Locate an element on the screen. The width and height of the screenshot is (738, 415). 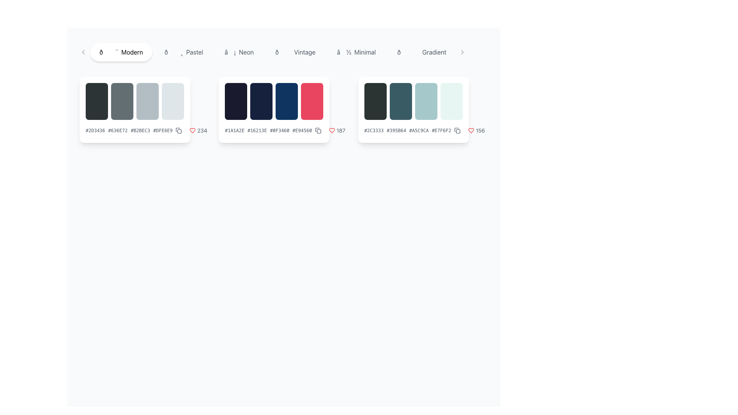
the leftmost Icon button in the category selection bar, which navigates left, adjacent to the 'Modern' category label is located at coordinates (83, 52).